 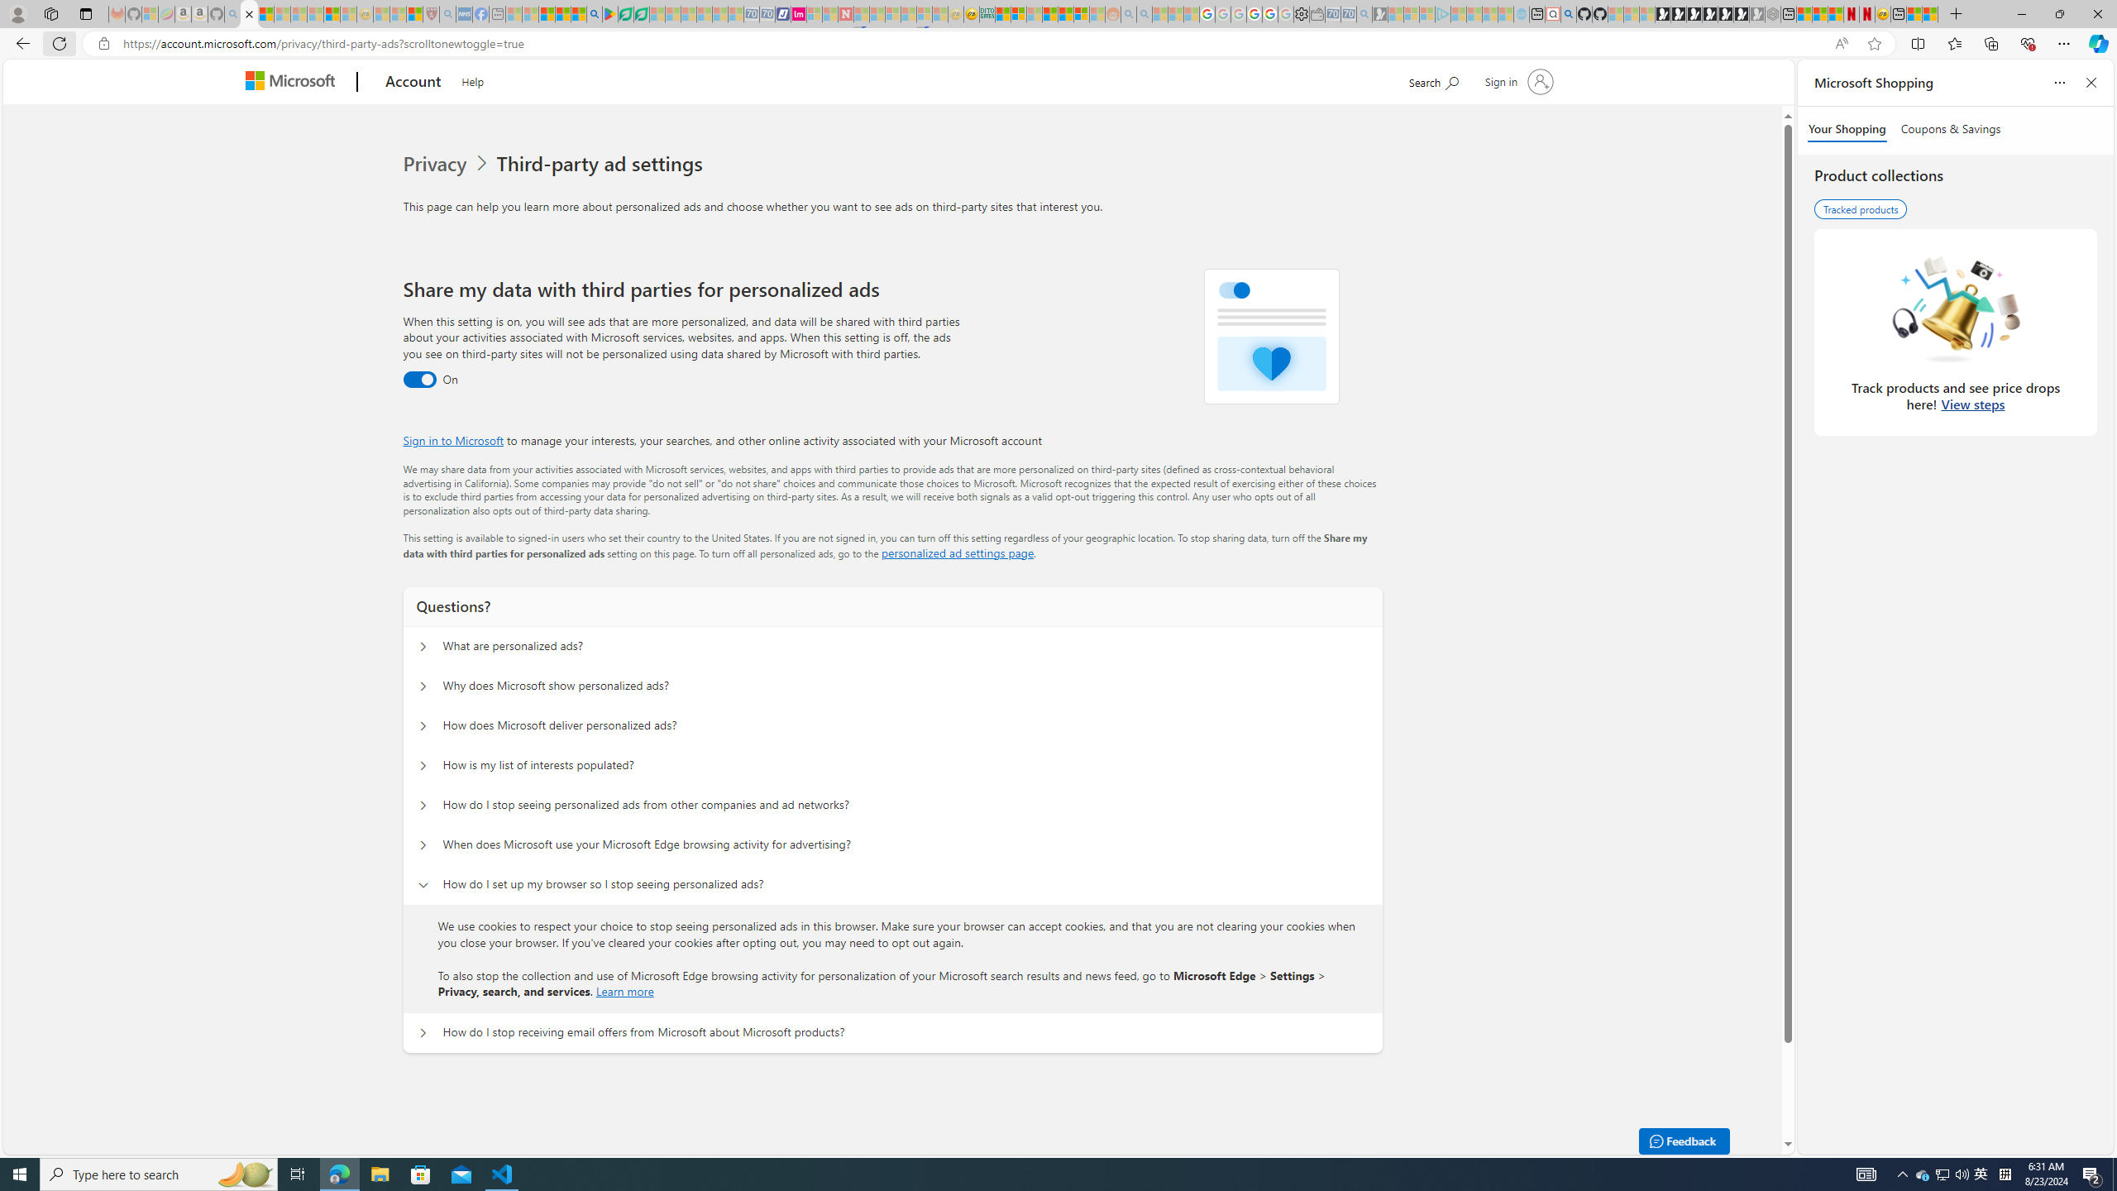 What do you see at coordinates (412, 82) in the screenshot?
I see `'Account'` at bounding box center [412, 82].